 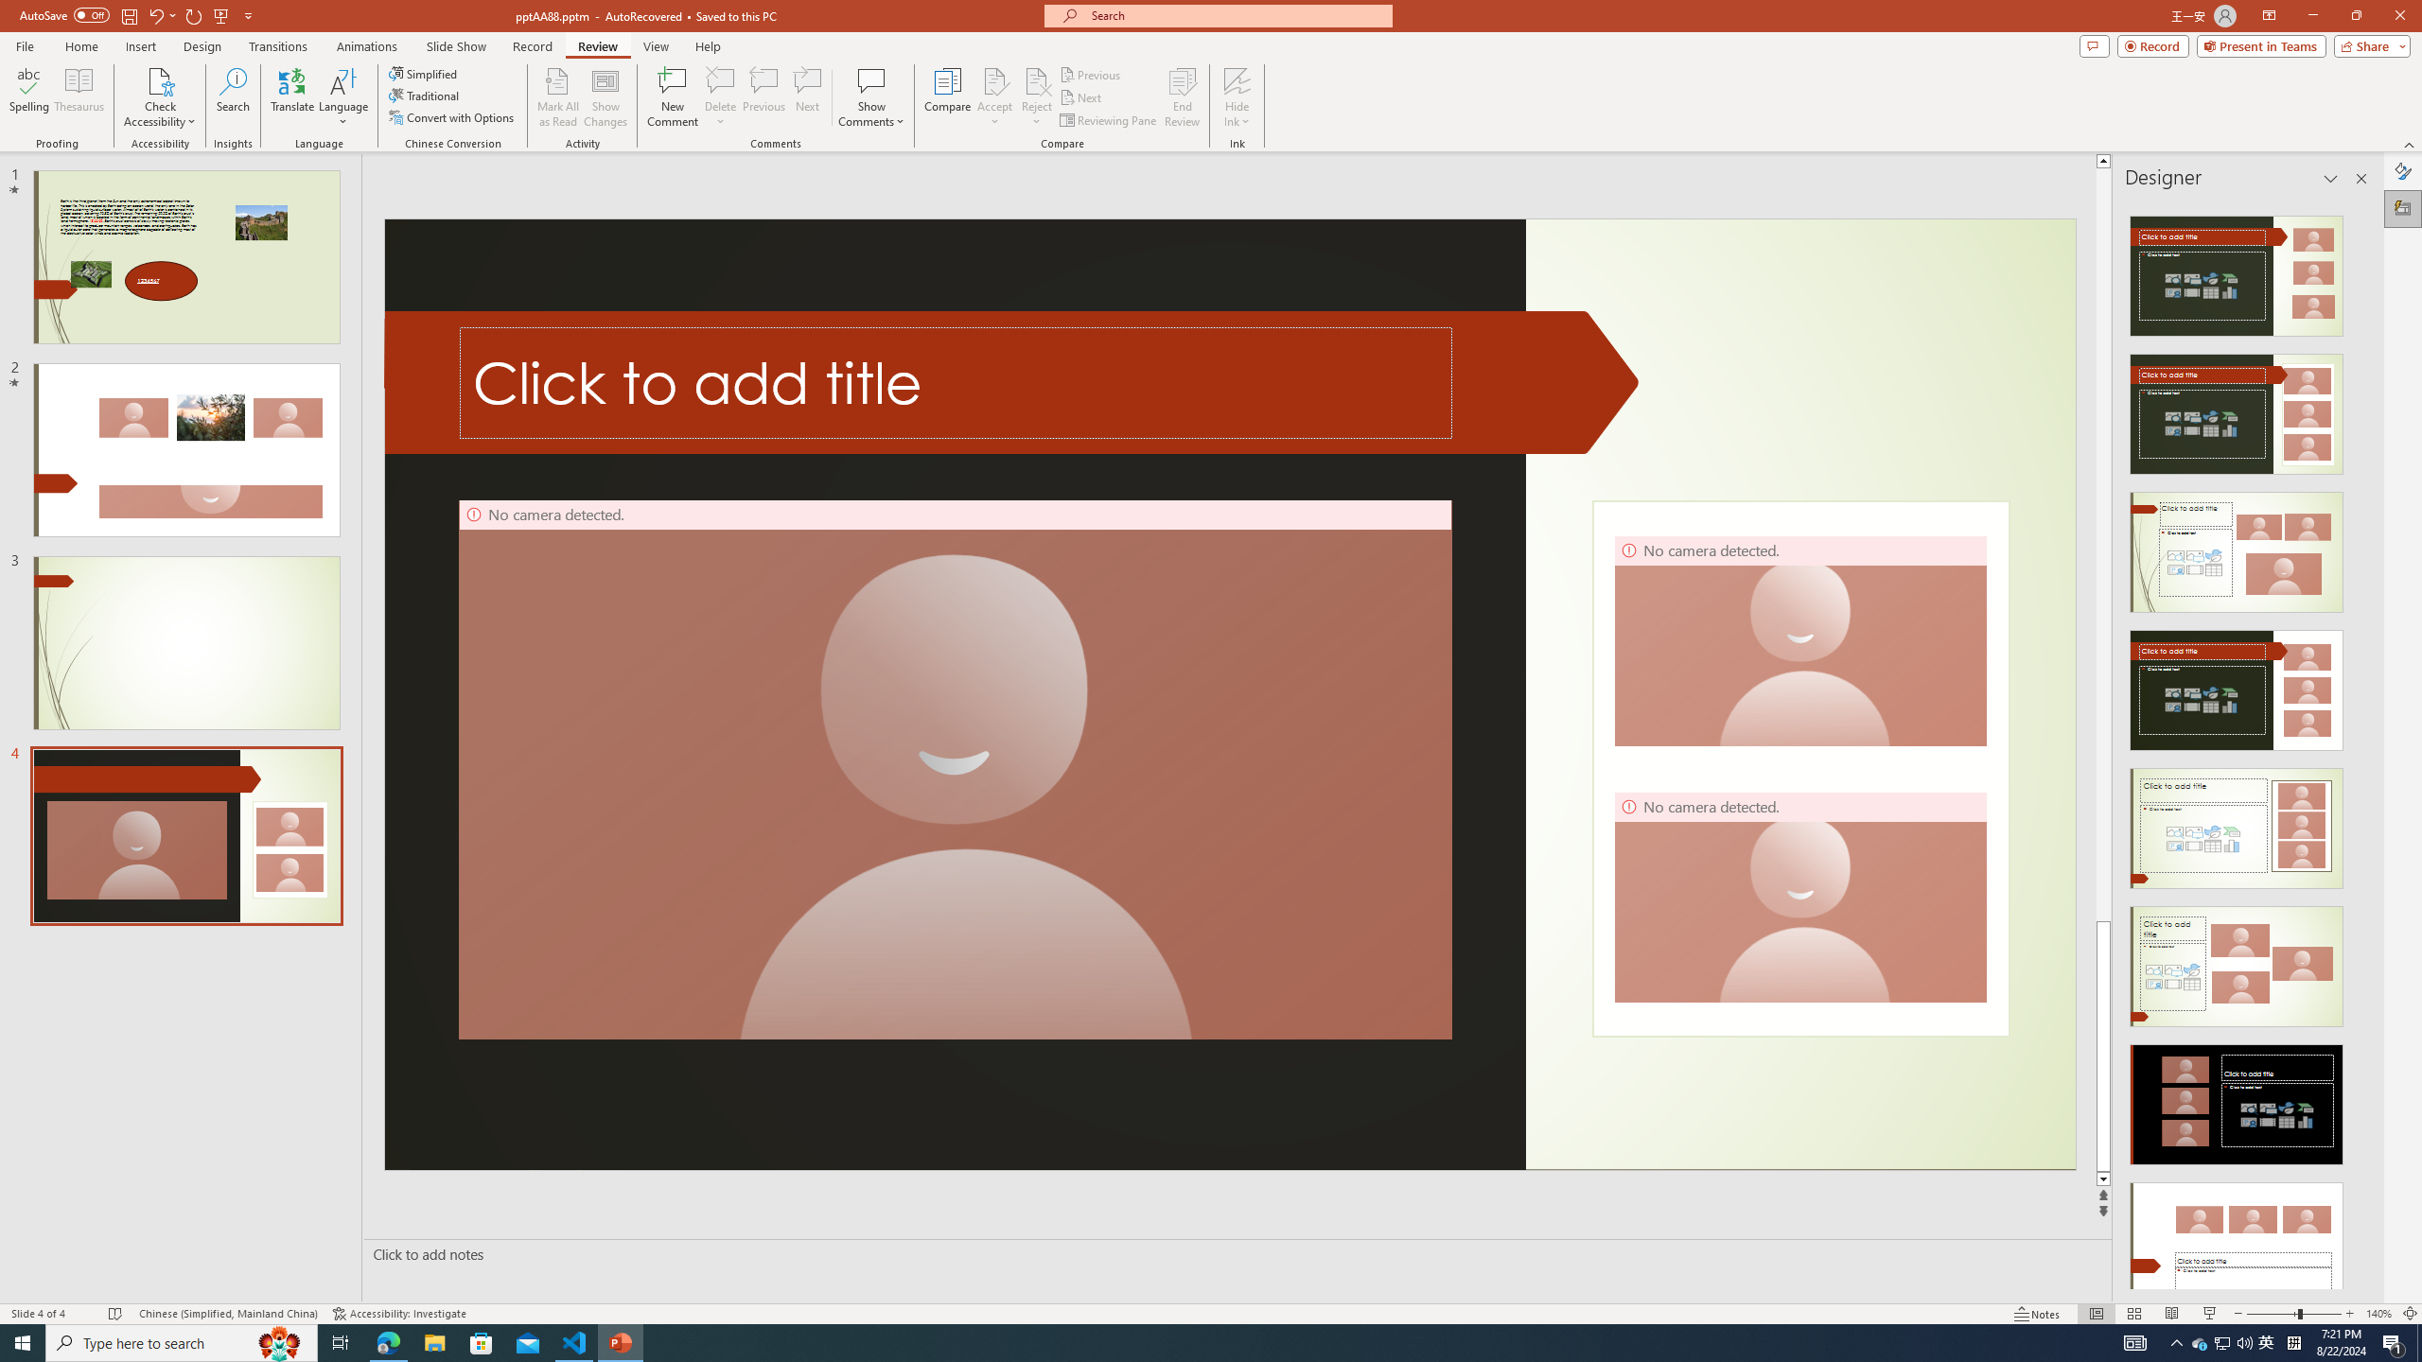 I want to click on 'End Review', so click(x=1181, y=97).